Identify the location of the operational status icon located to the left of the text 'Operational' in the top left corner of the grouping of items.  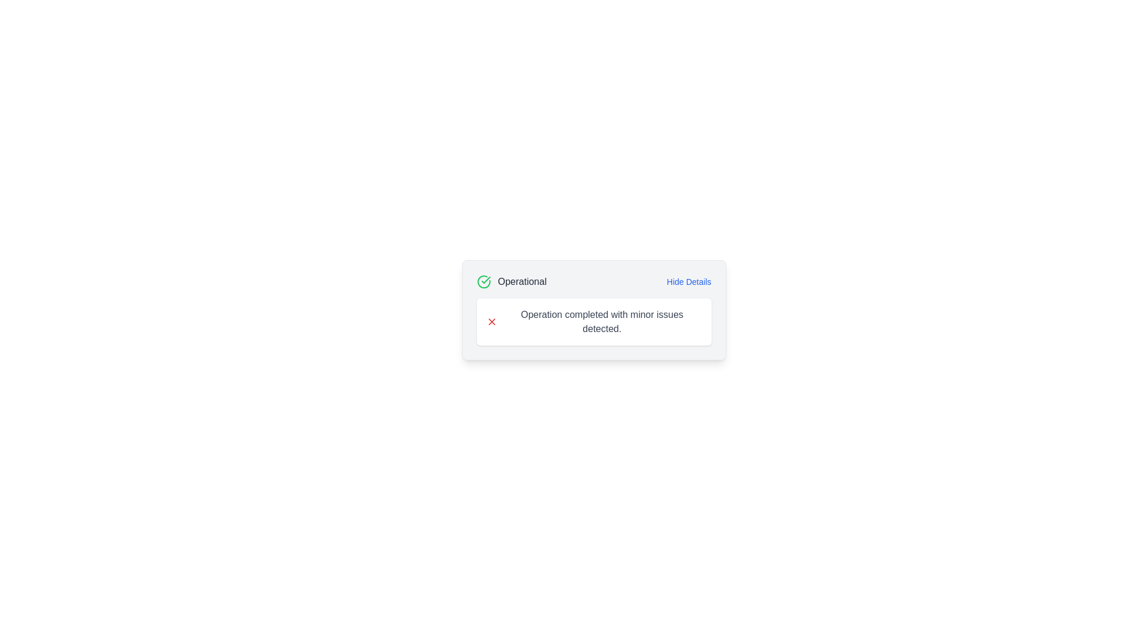
(483, 282).